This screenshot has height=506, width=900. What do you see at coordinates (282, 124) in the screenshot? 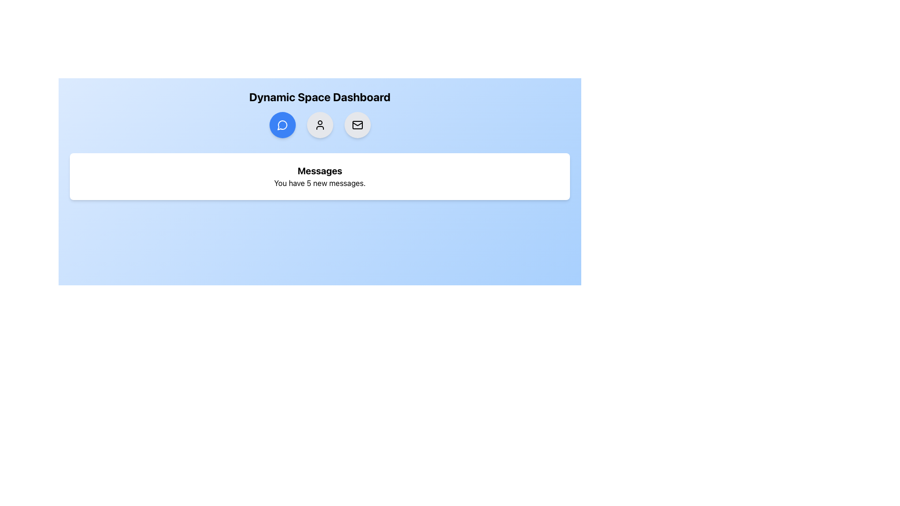
I see `the blue circular button with a message bubble icon located at the top-left corner of the row of three buttons` at bounding box center [282, 124].